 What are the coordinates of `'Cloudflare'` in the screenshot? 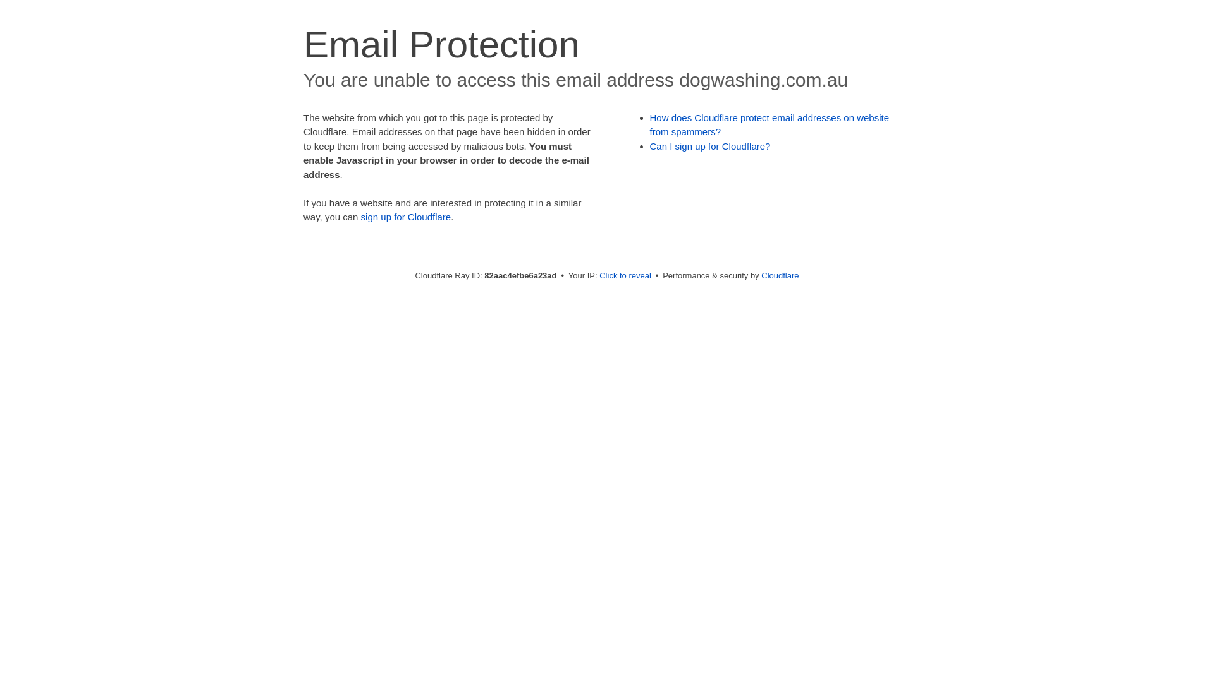 It's located at (779, 275).